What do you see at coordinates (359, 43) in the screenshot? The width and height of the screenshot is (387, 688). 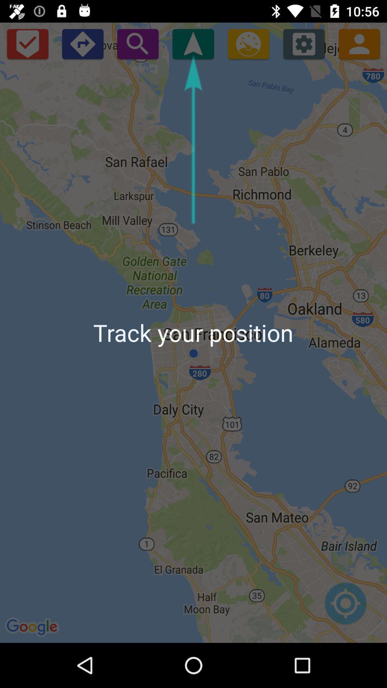 I see `contact option` at bounding box center [359, 43].